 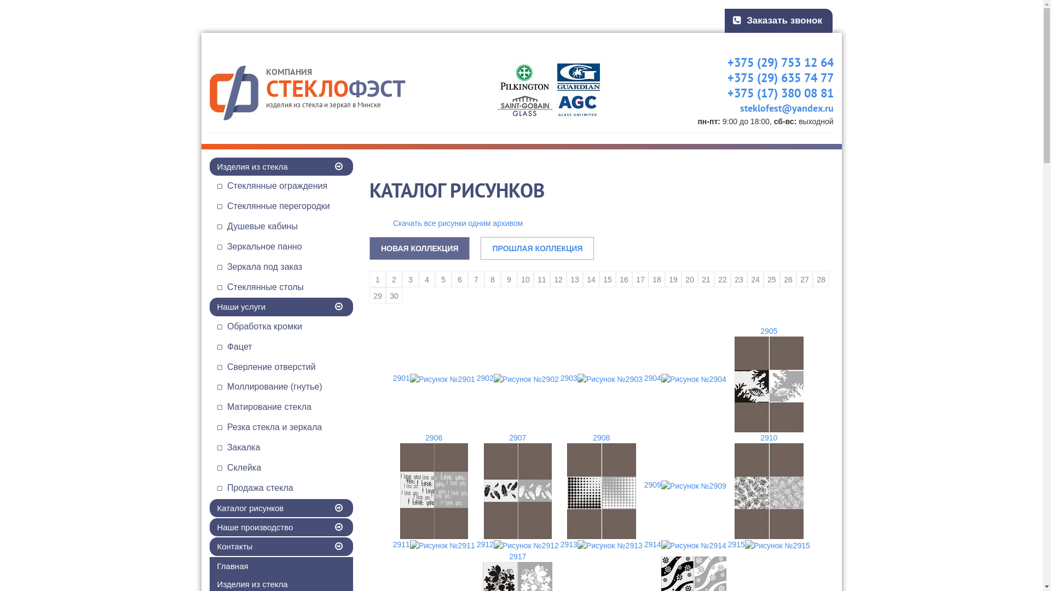 What do you see at coordinates (755, 278) in the screenshot?
I see `'24'` at bounding box center [755, 278].